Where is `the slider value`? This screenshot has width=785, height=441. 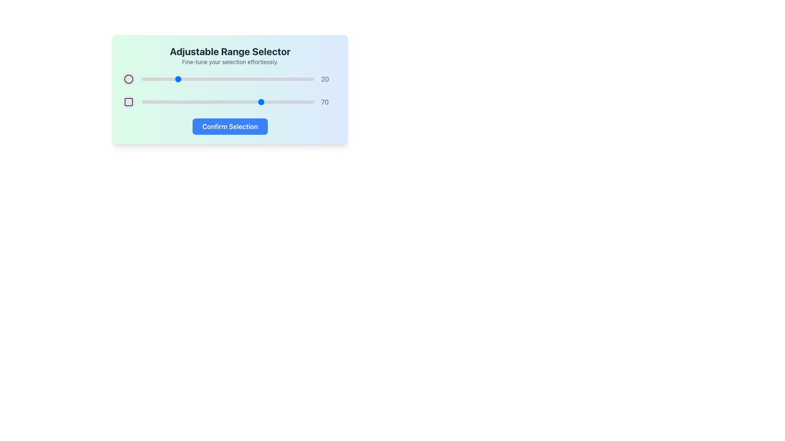 the slider value is located at coordinates (241, 102).